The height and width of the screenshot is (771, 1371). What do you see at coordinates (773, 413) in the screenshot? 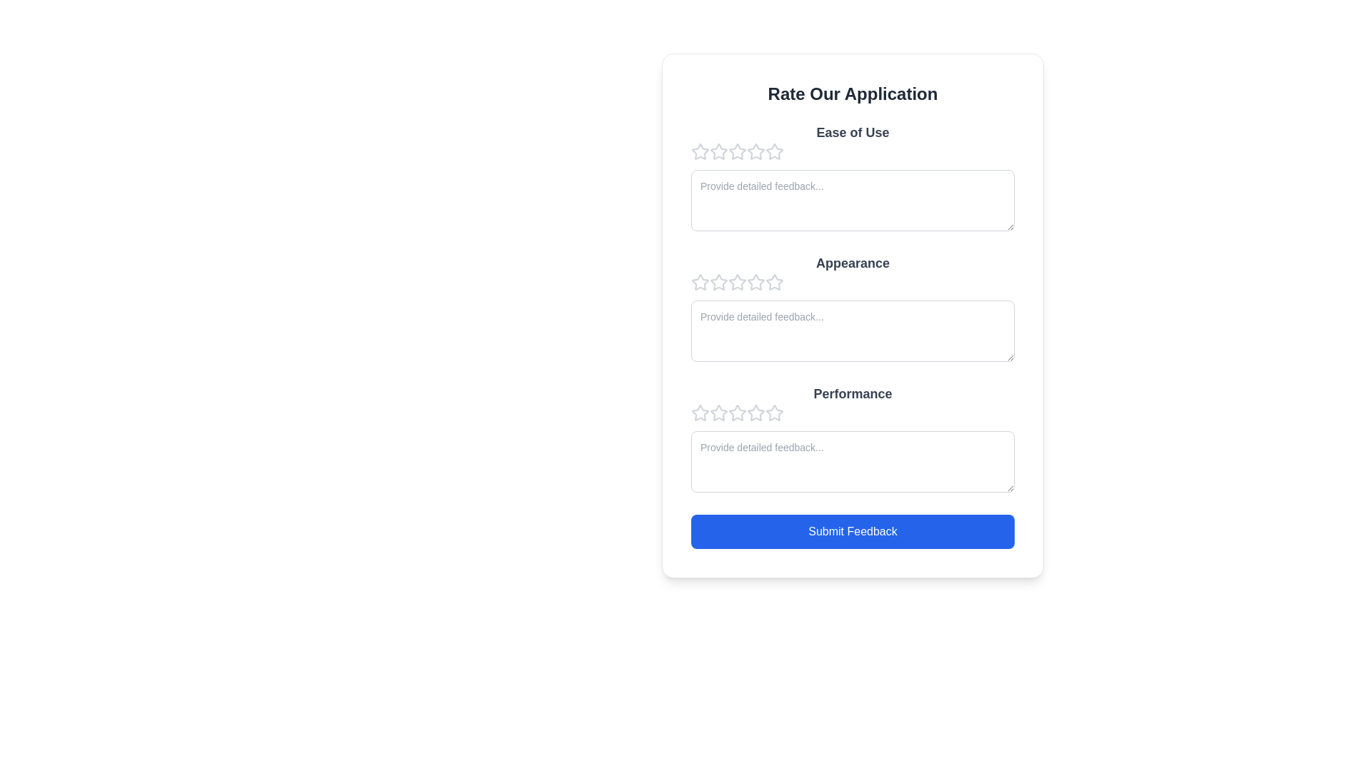
I see `the third star in the horizontal row of five stars in the 'Performance' section of the 'Rate Our Application' interface` at bounding box center [773, 413].